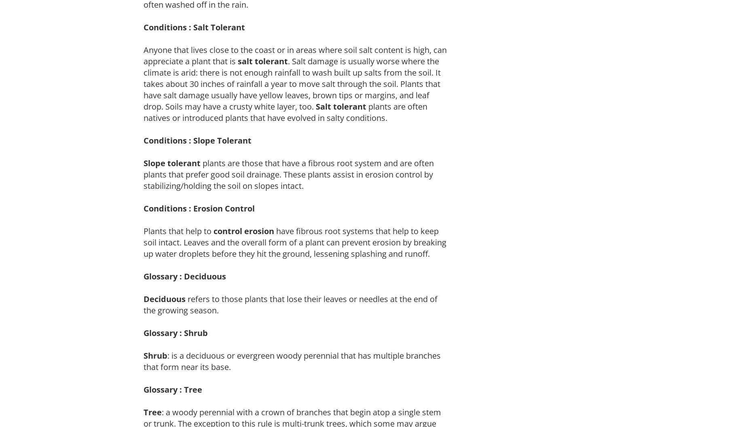  I want to click on 'Plants that help to', so click(178, 230).